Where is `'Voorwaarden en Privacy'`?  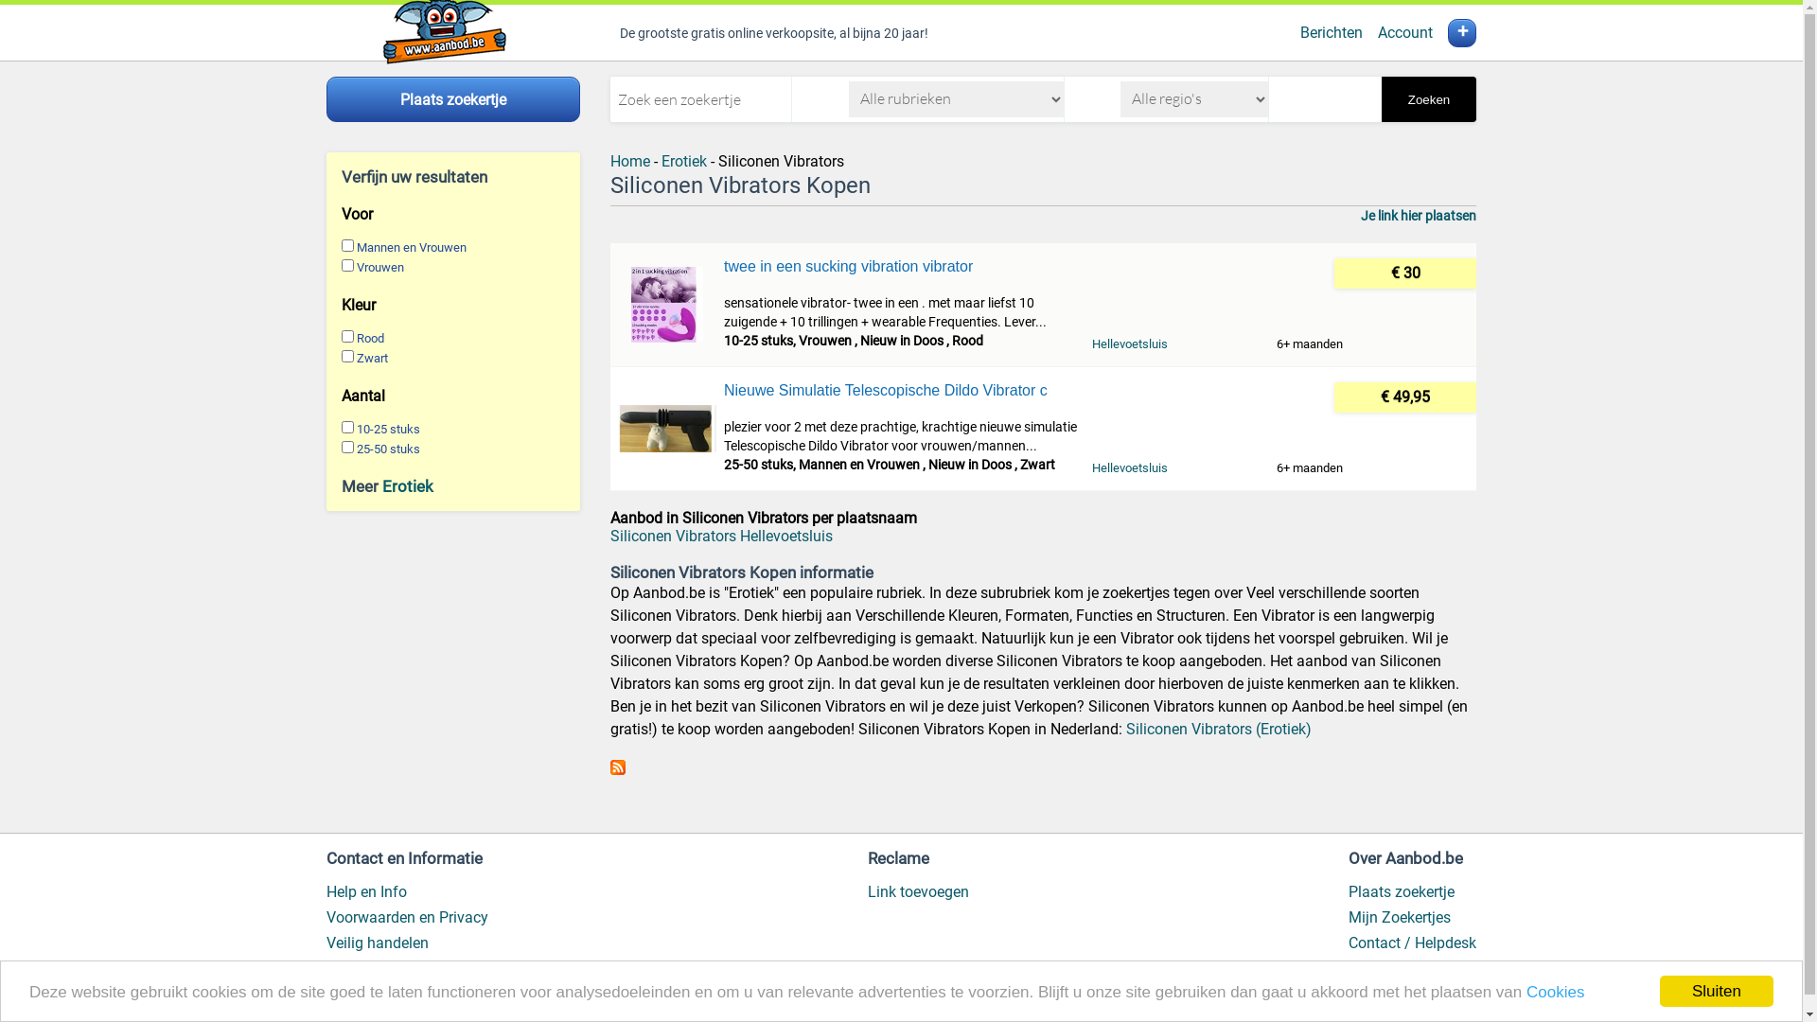 'Voorwaarden en Privacy' is located at coordinates (406, 916).